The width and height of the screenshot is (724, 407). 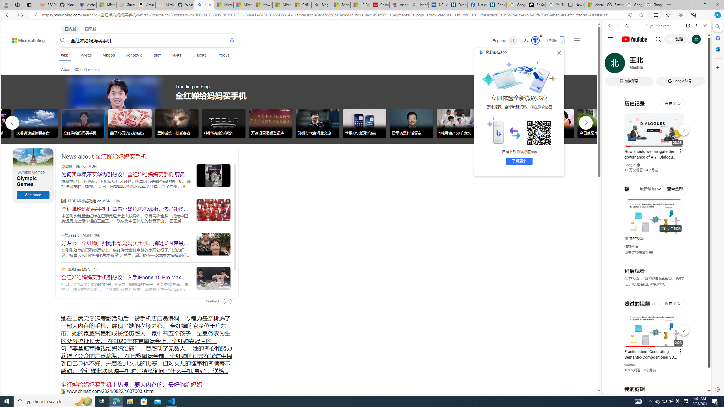 What do you see at coordinates (282, 5) in the screenshot?
I see `'Microsoft Start'` at bounding box center [282, 5].